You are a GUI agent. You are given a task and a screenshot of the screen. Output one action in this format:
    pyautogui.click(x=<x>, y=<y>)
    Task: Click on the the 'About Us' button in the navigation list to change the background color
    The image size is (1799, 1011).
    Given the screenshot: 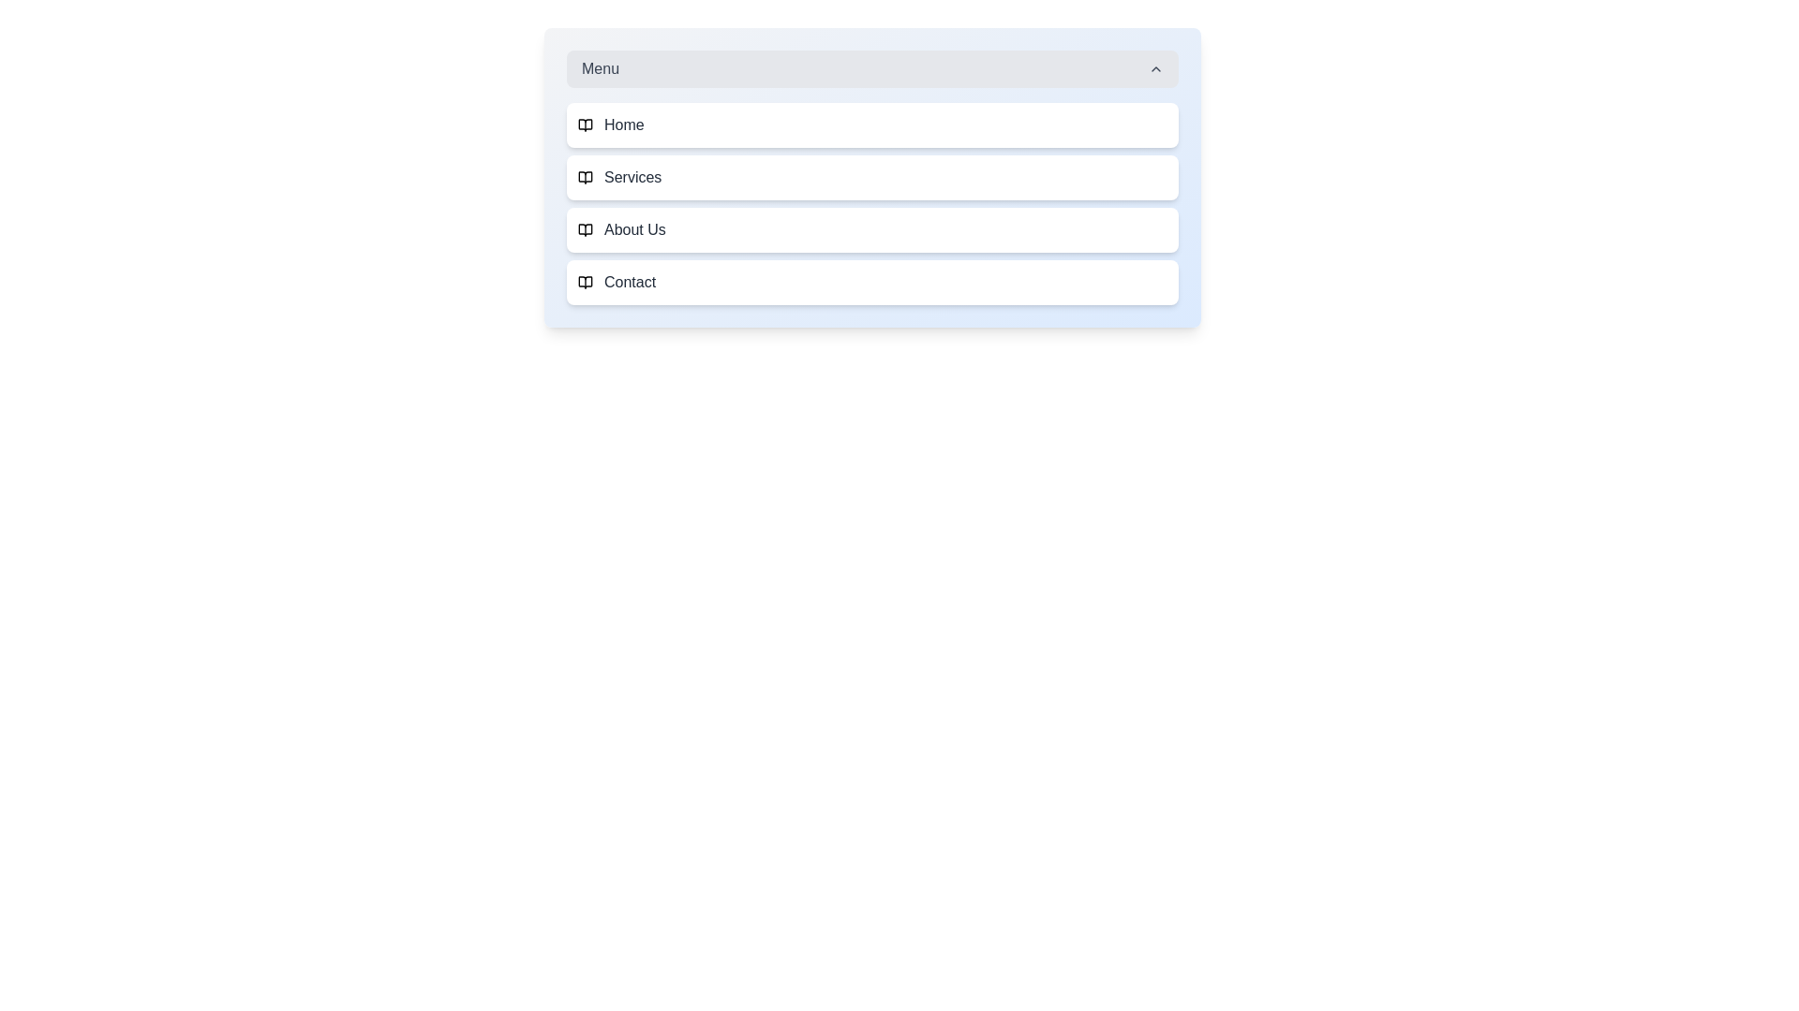 What is the action you would take?
    pyautogui.click(x=871, y=229)
    